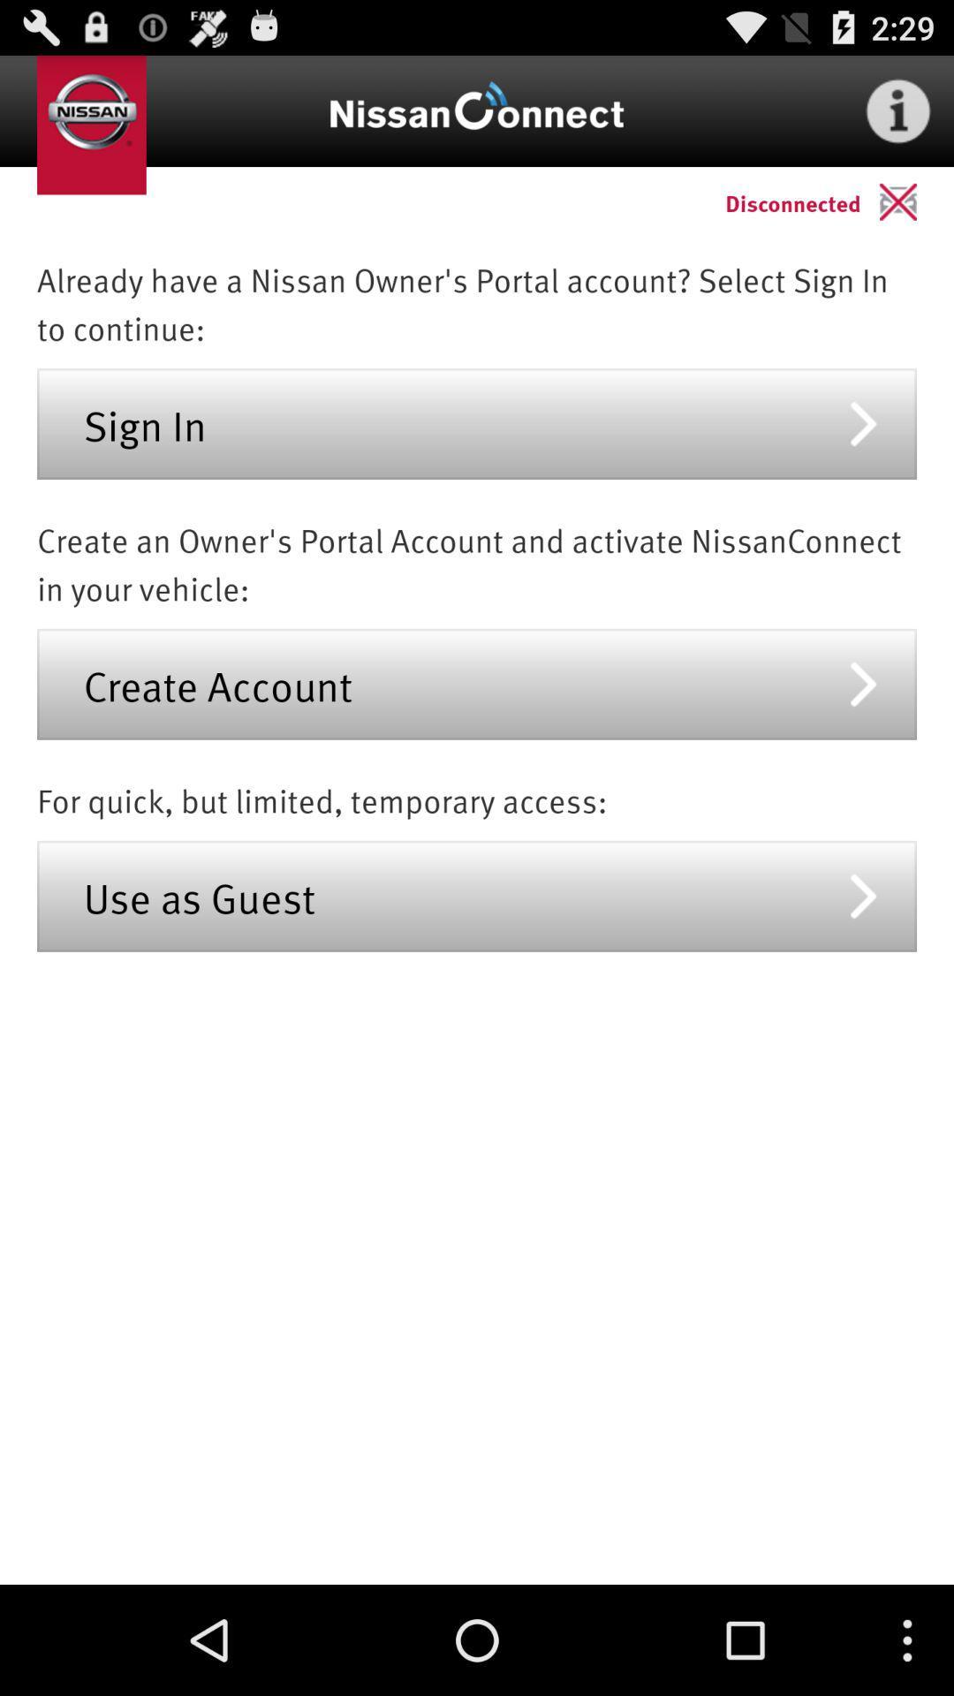 This screenshot has width=954, height=1696. I want to click on information option, so click(898, 110).